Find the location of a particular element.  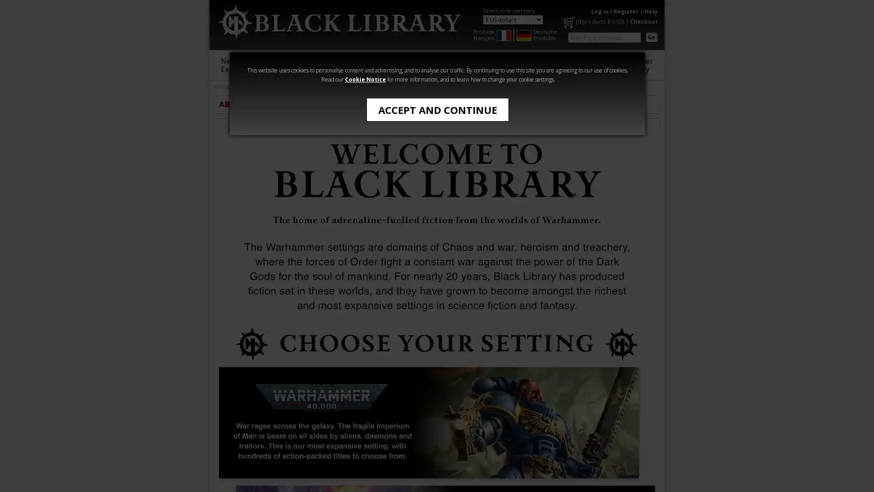

ACCEPT AND CONTINUE is located at coordinates (437, 109).